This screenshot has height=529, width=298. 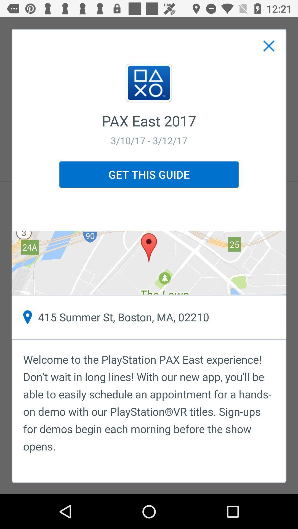 I want to click on the close icon, so click(x=269, y=46).